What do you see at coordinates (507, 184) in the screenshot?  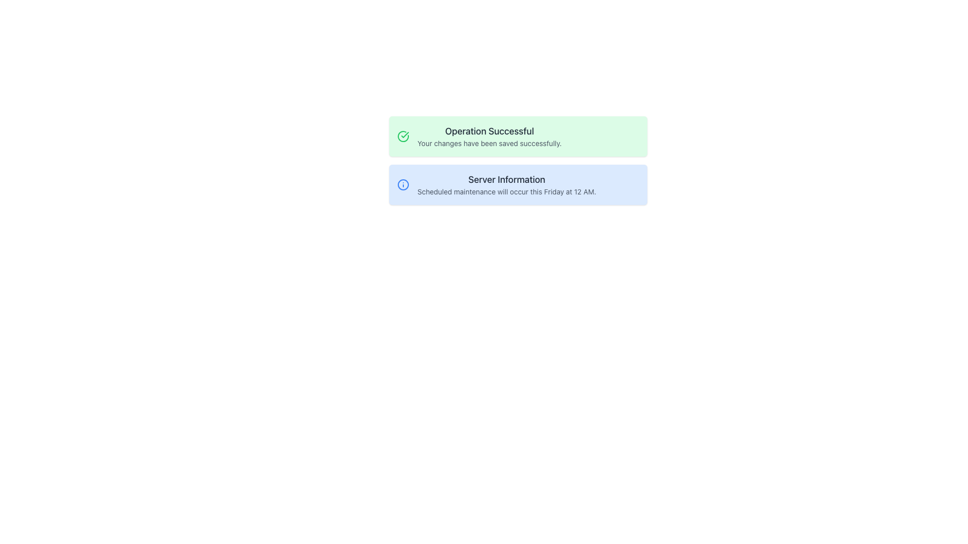 I see `the text block that notifies the user about upcoming server maintenance` at bounding box center [507, 184].